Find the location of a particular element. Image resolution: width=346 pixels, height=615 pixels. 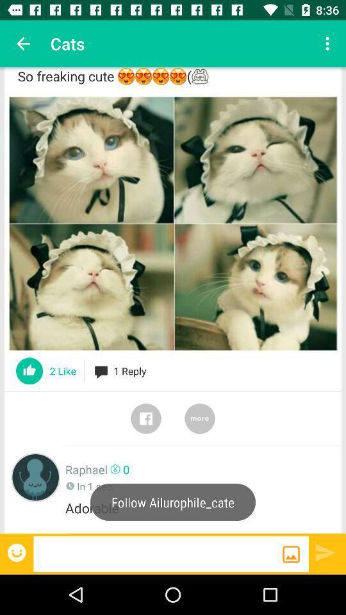

open image is located at coordinates (173, 224).